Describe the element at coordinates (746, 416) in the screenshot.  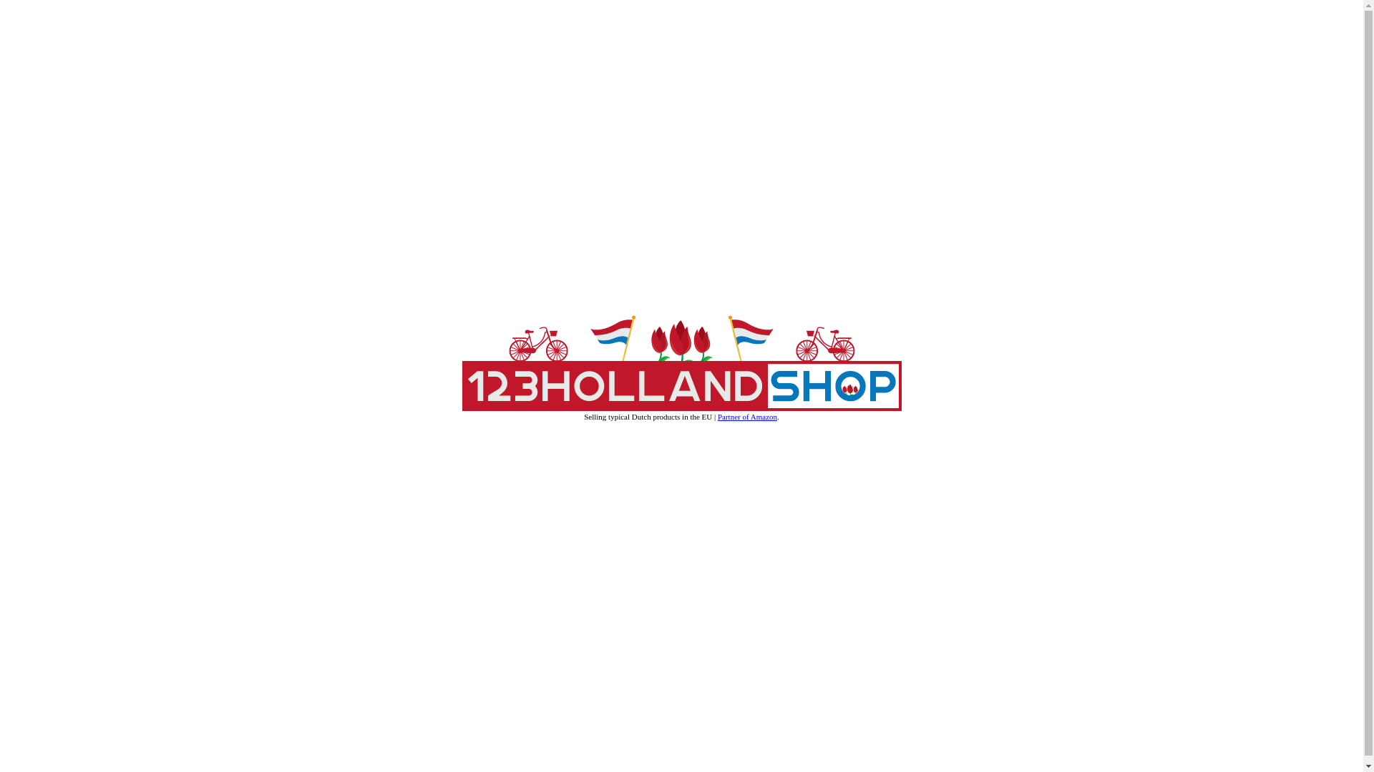
I see `'Partner of Amazon'` at that location.